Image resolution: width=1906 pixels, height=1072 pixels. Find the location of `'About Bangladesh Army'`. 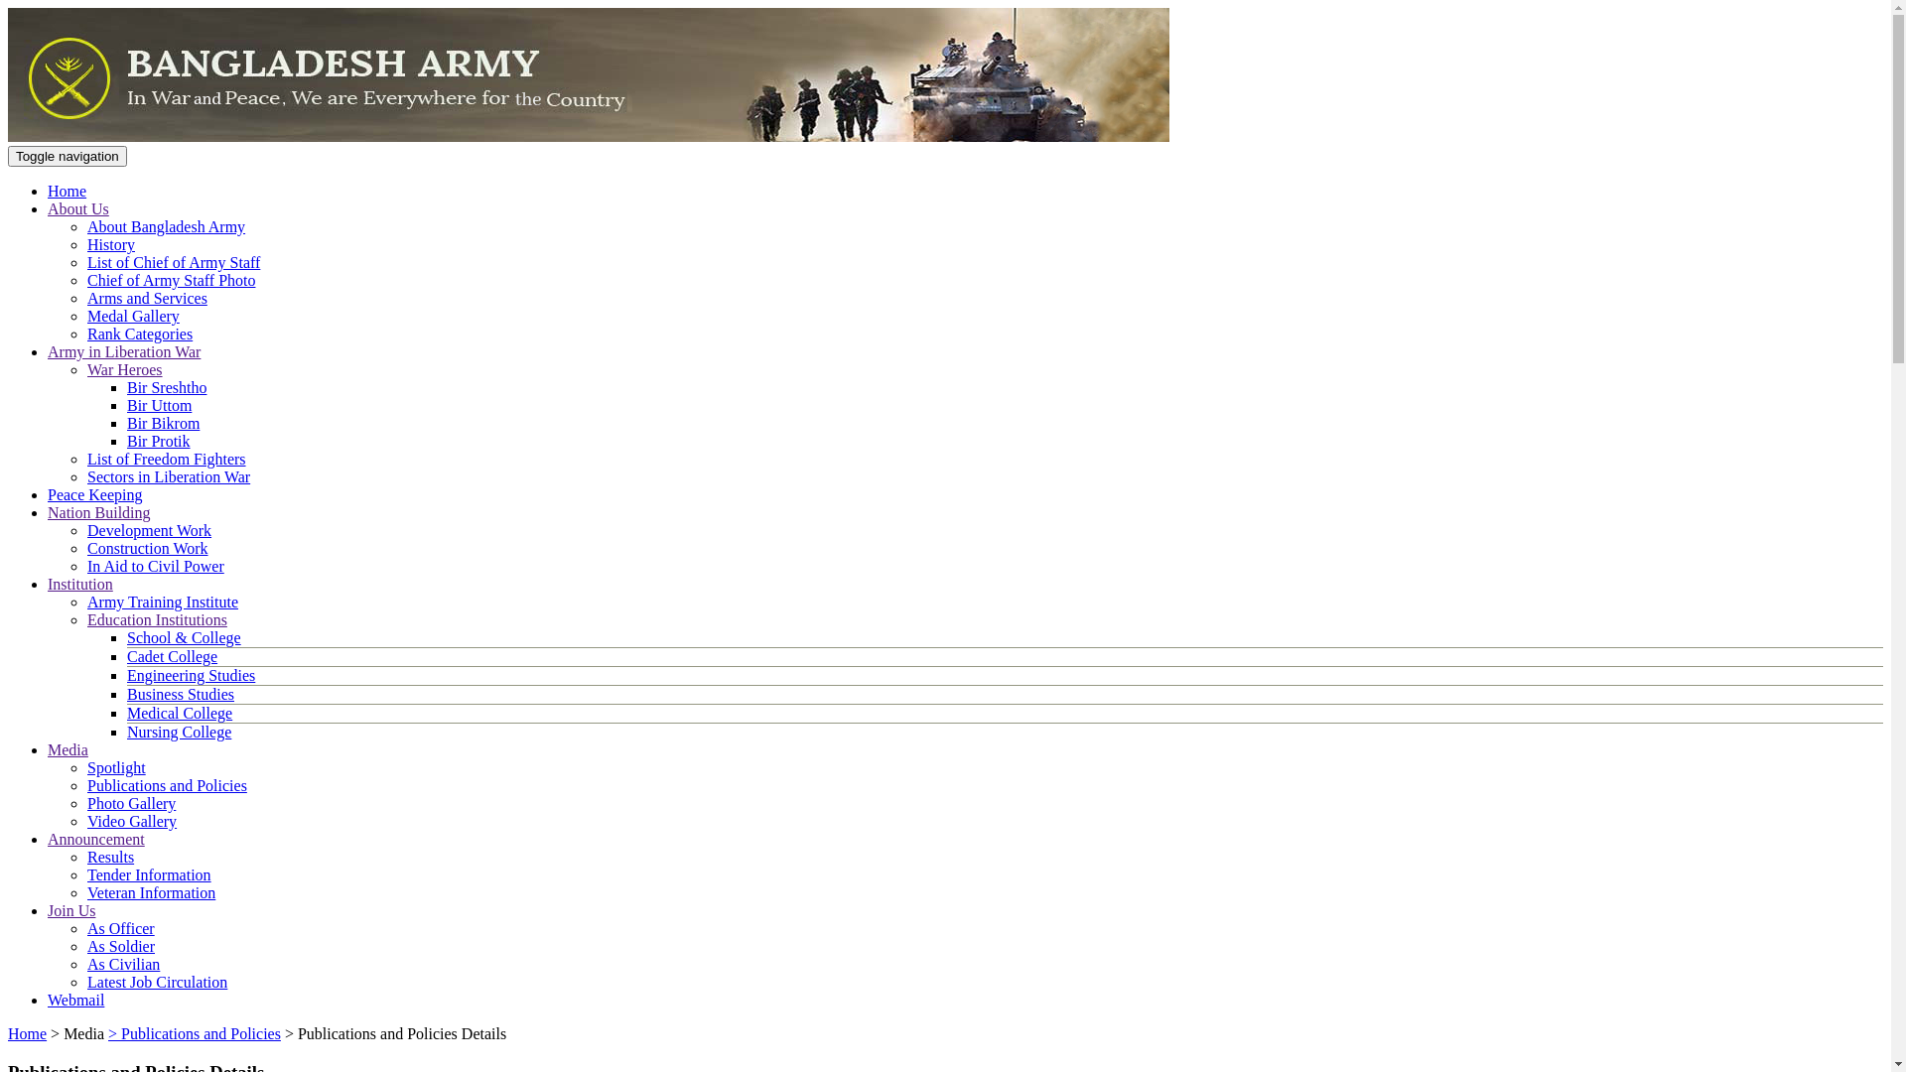

'About Bangladesh Army' is located at coordinates (166, 225).